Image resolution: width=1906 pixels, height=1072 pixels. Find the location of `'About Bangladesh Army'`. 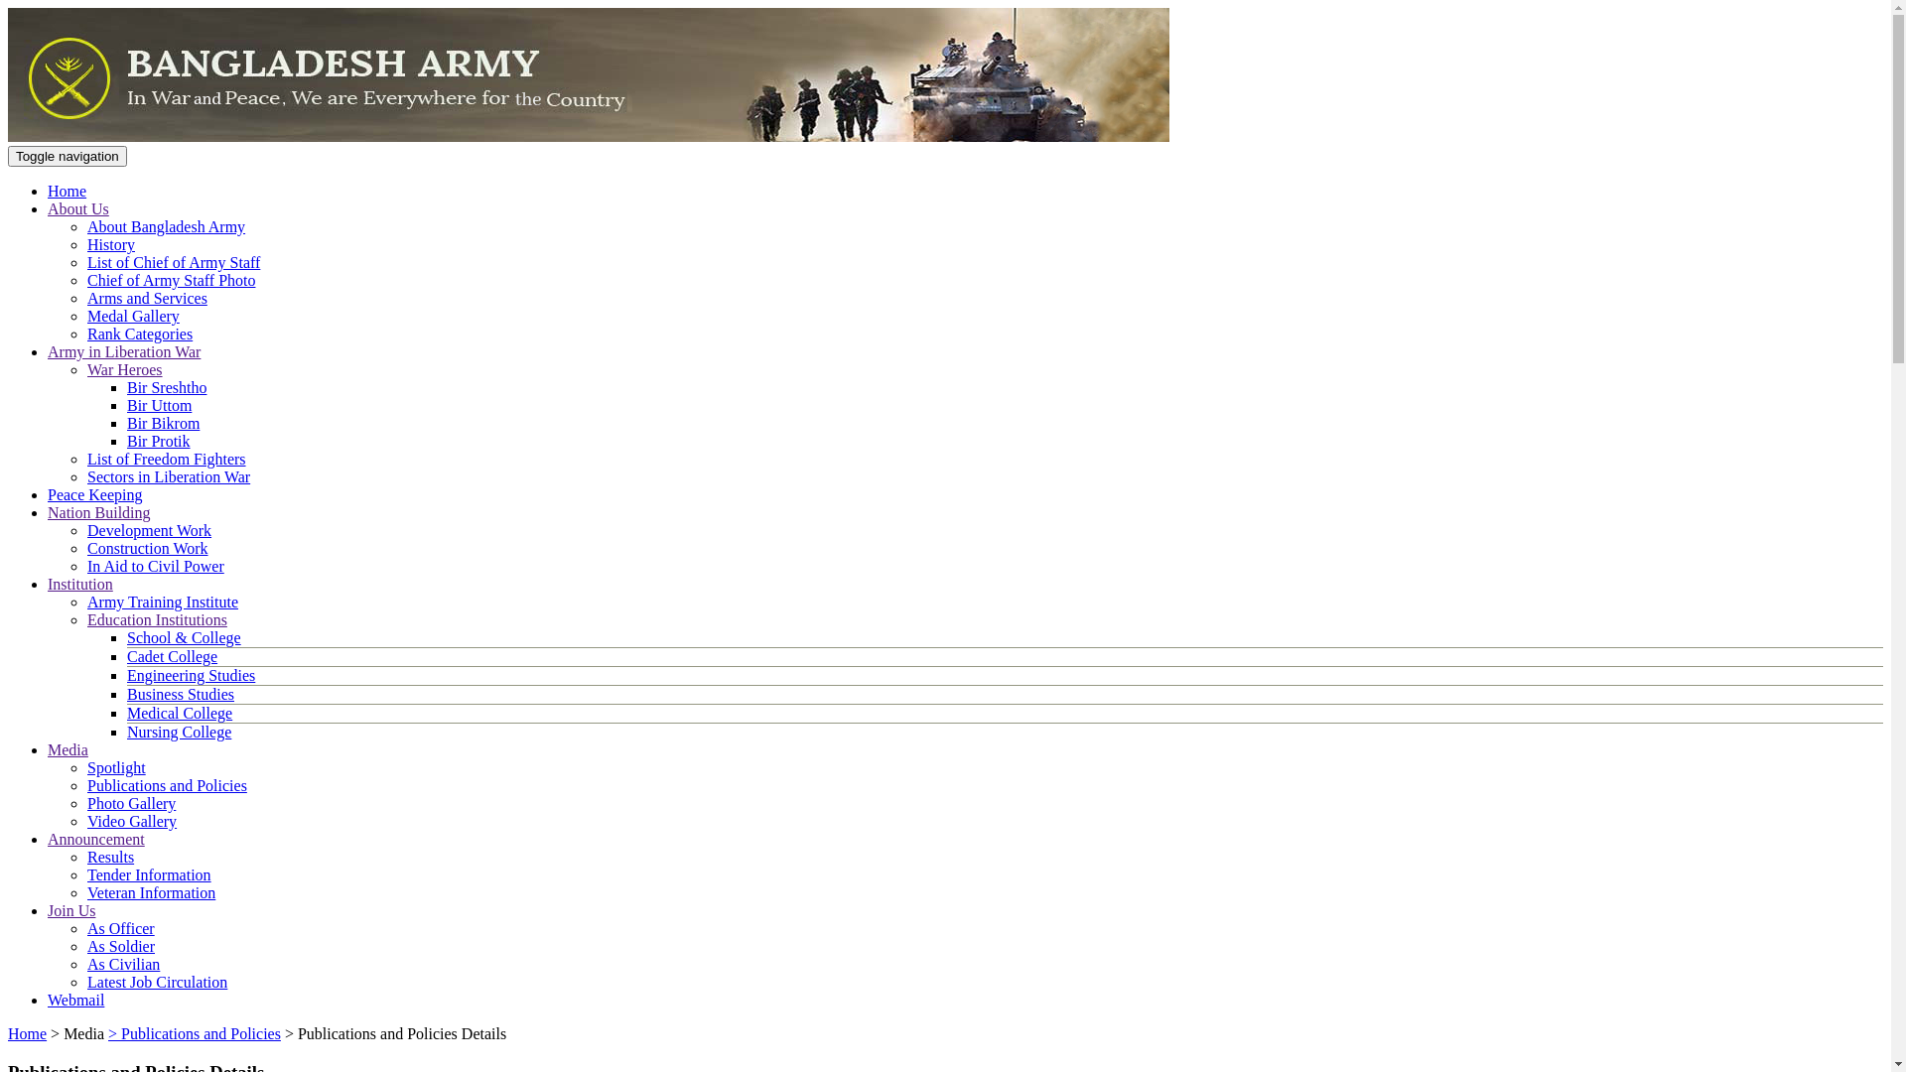

'About Bangladesh Army' is located at coordinates (166, 225).